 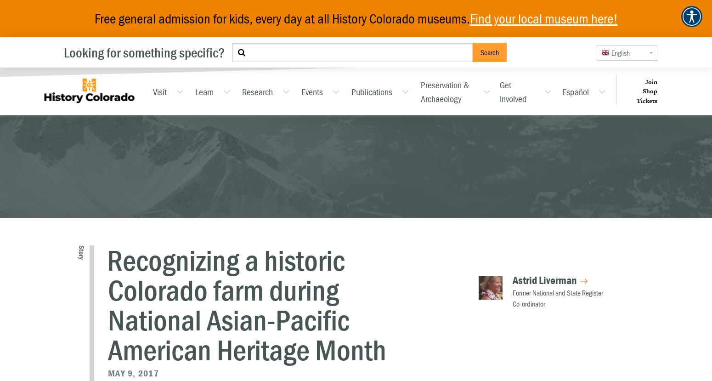 I want to click on 'Visit', so click(x=159, y=91).